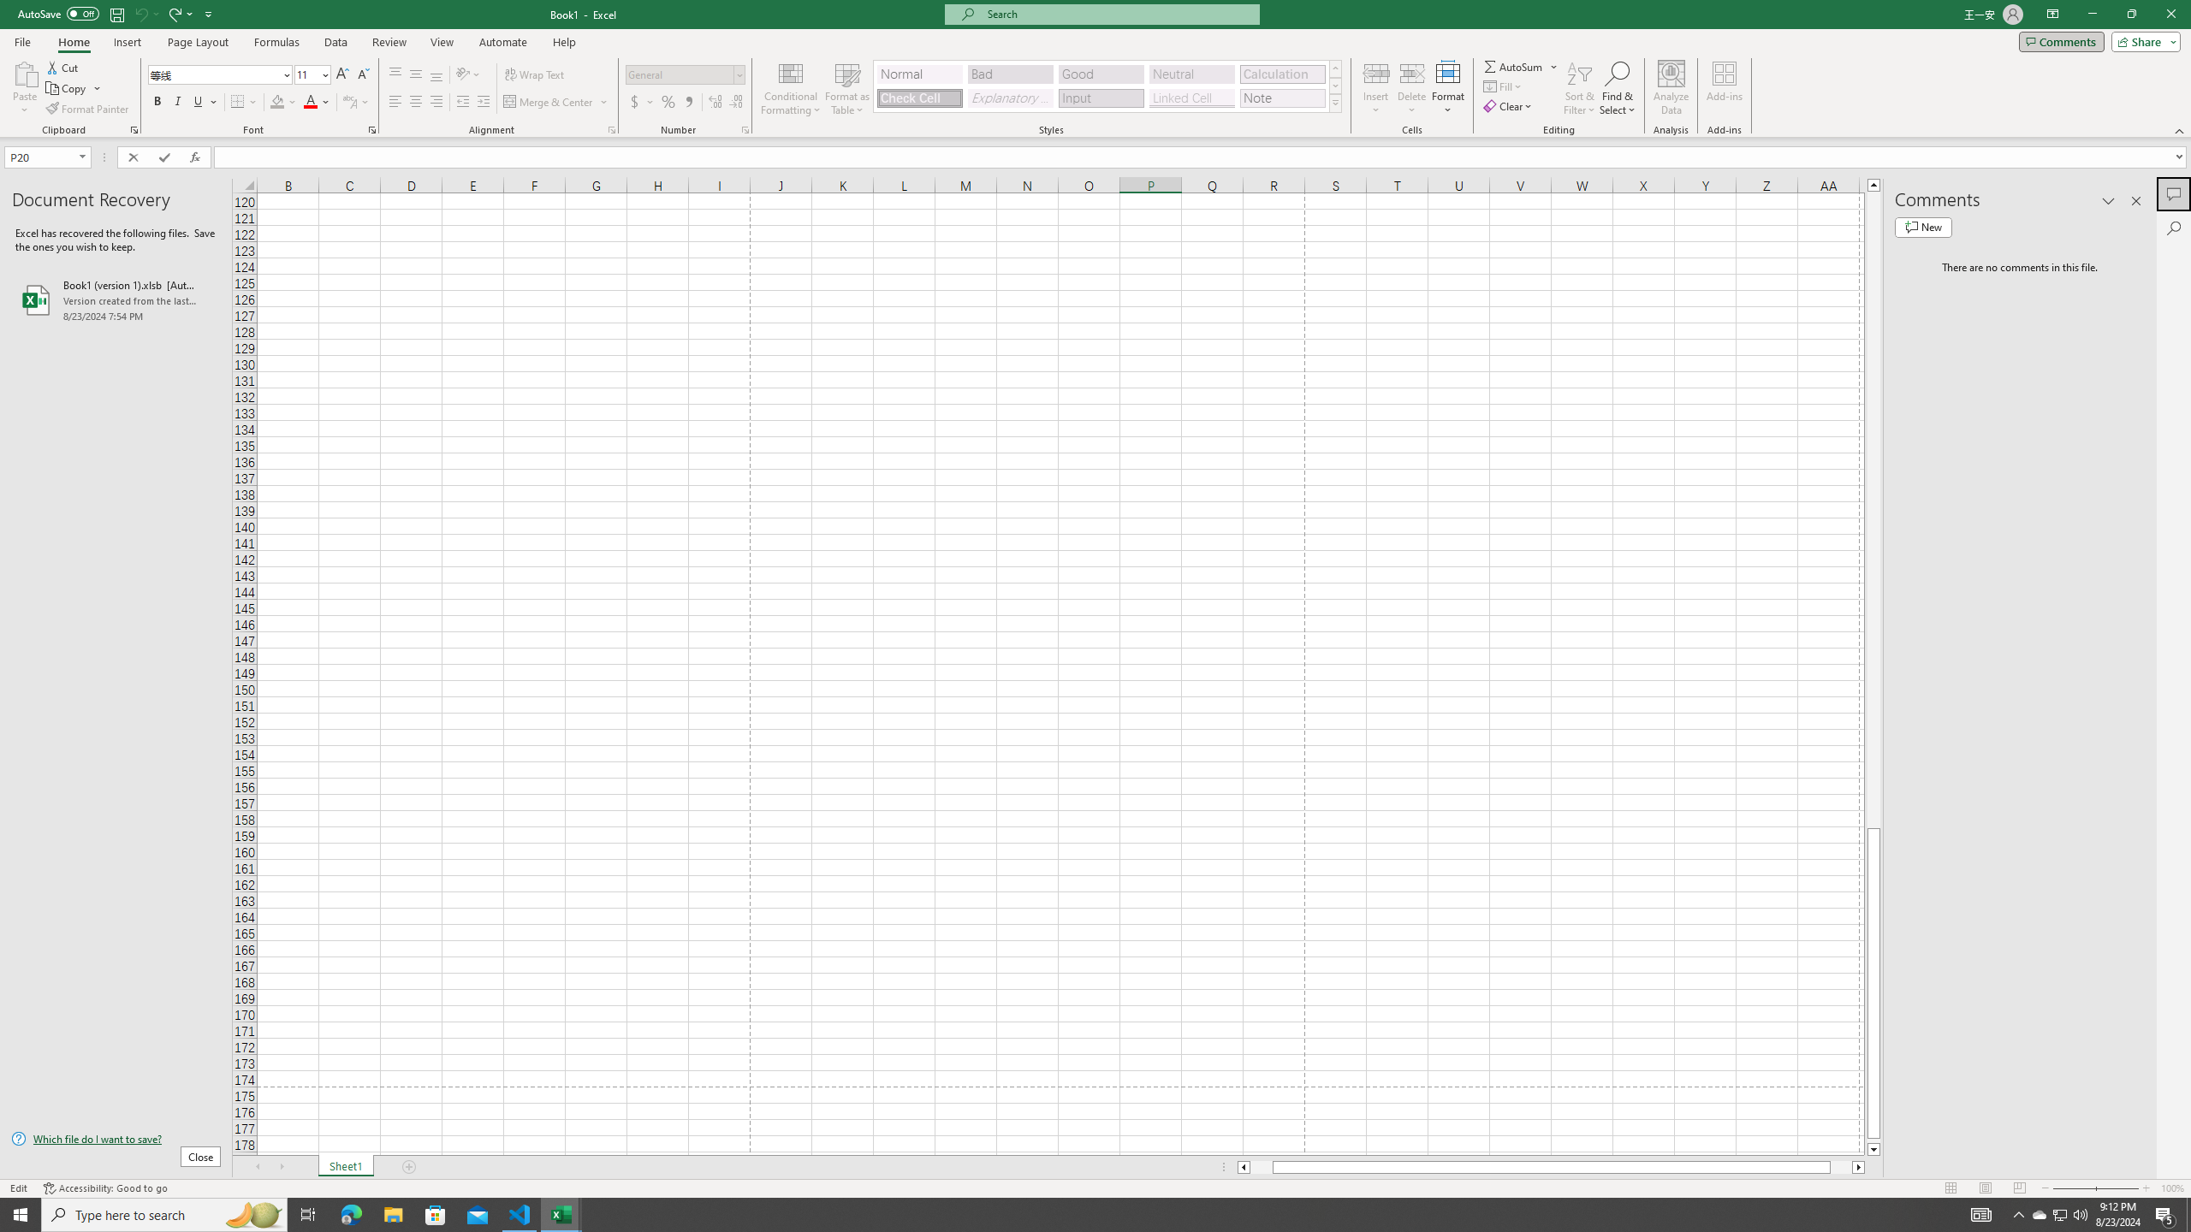 The height and width of the screenshot is (1232, 2191). Describe the element at coordinates (362, 74) in the screenshot. I see `'Decrease Font Size'` at that location.